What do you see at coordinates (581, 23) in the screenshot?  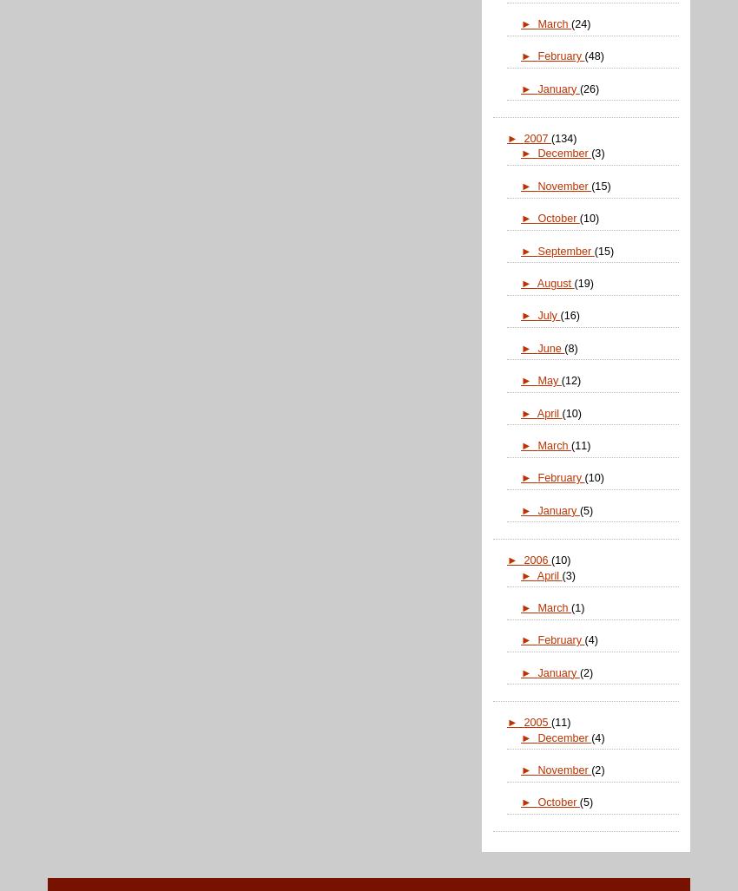 I see `'(24)'` at bounding box center [581, 23].